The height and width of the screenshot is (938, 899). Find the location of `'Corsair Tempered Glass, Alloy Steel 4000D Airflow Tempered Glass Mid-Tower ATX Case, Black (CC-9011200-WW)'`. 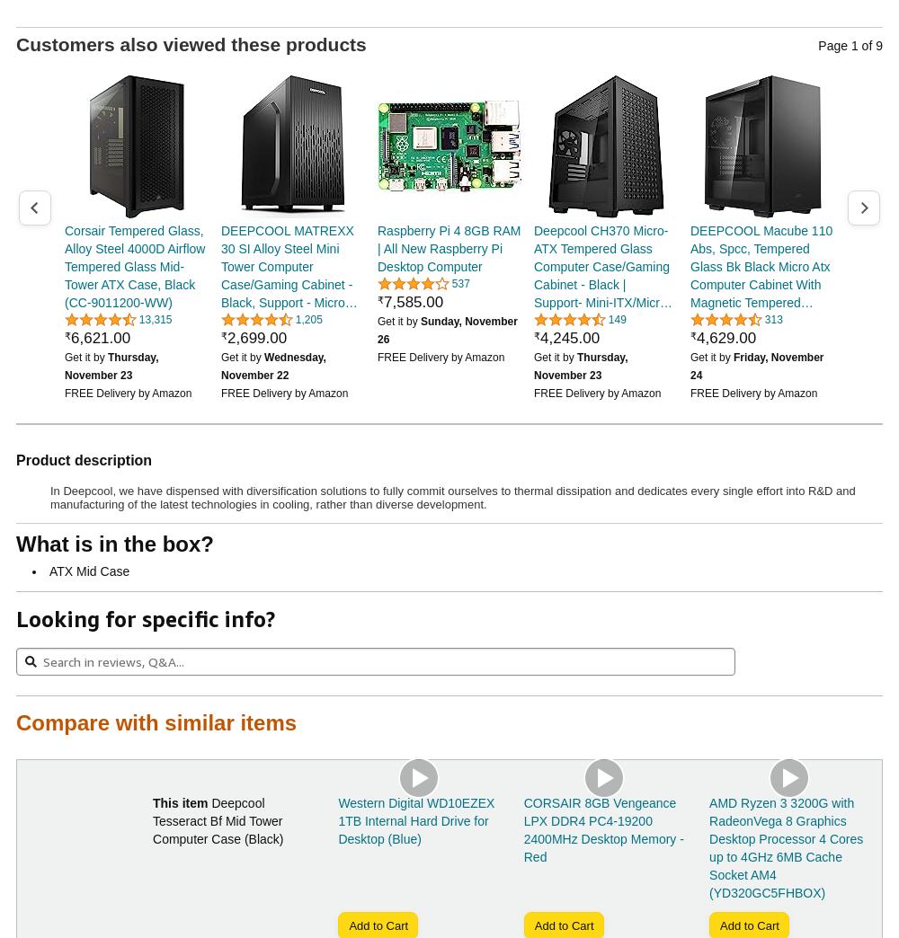

'Corsair Tempered Glass, Alloy Steel 4000D Airflow Tempered Glass Mid-Tower ATX Case, Black (CC-9011200-WW)' is located at coordinates (135, 264).